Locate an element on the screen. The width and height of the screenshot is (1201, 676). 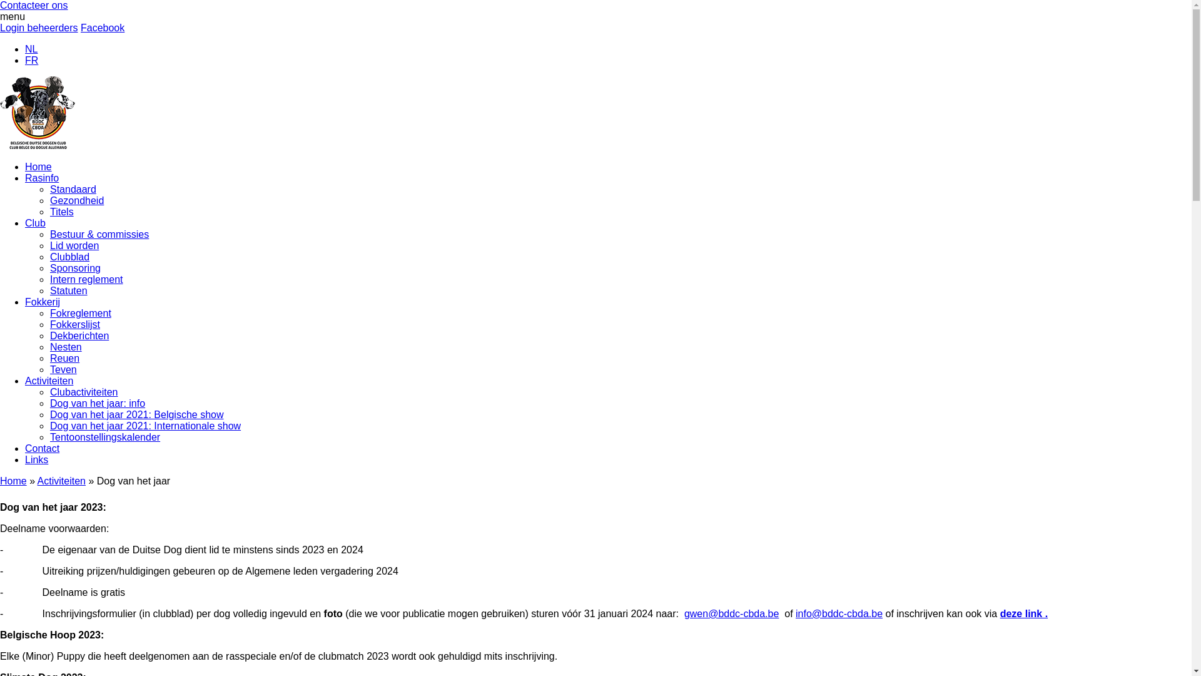
'Gezondheid' is located at coordinates (76, 200).